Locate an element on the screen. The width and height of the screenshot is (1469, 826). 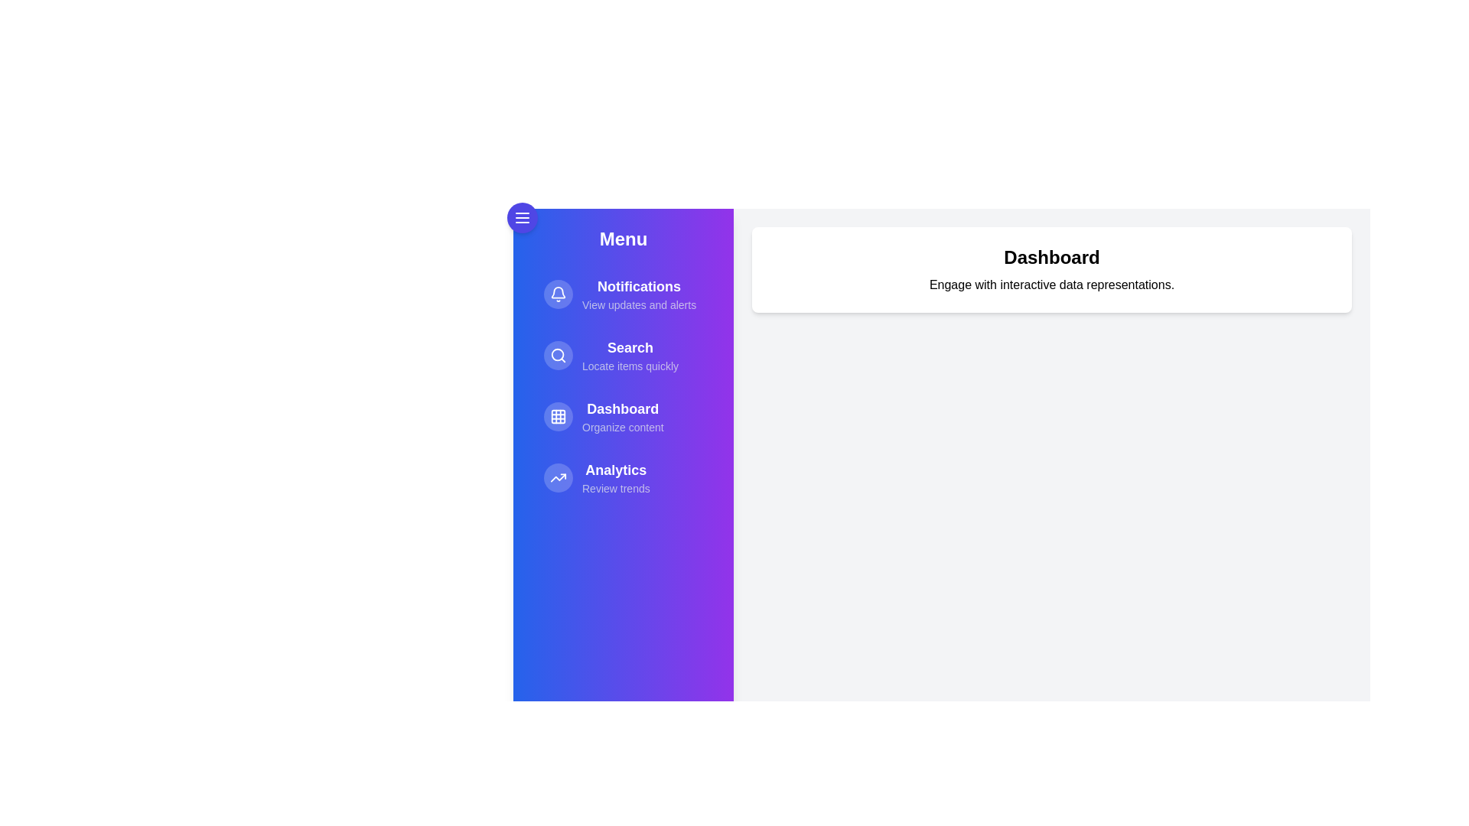
the menu item Notifications to navigate or perform its action is located at coordinates (624, 294).